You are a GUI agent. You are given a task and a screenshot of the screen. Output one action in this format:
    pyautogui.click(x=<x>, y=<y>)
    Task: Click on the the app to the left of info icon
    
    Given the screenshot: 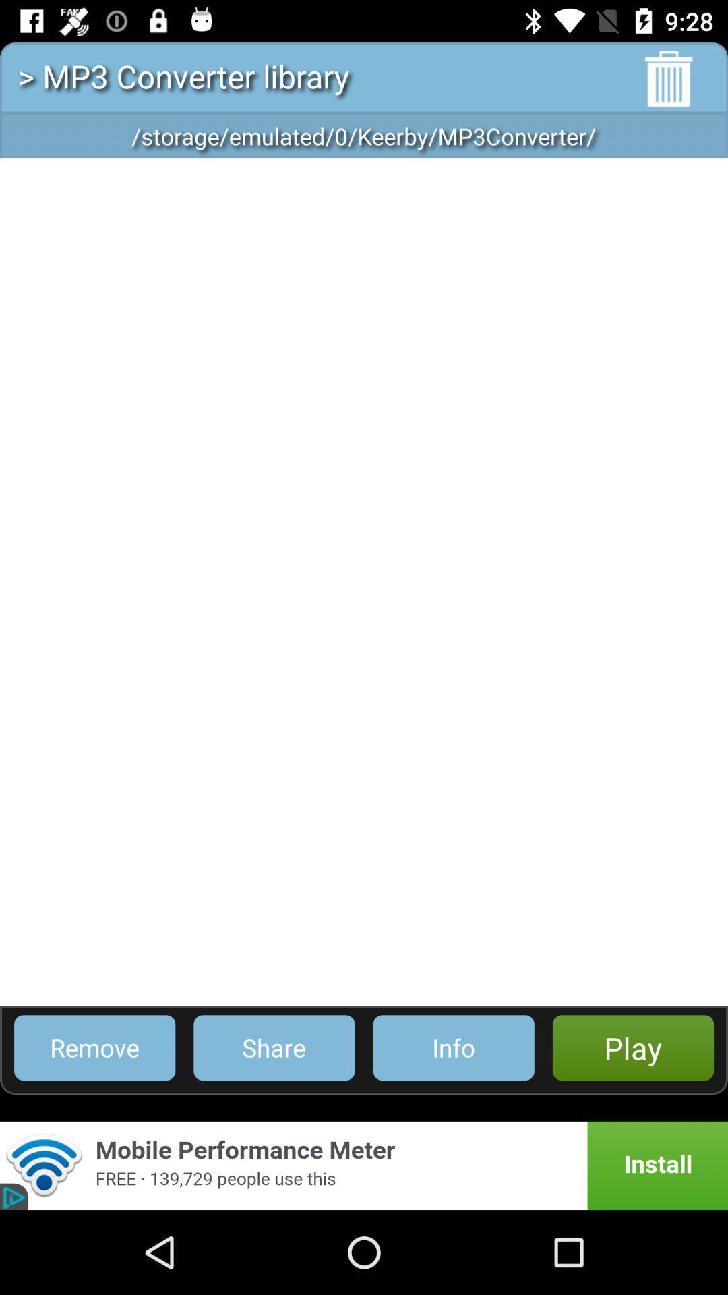 What is the action you would take?
    pyautogui.click(x=273, y=1047)
    